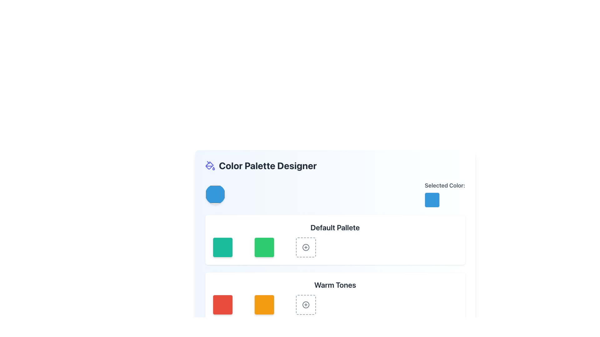 This screenshot has width=600, height=337. What do you see at coordinates (272, 304) in the screenshot?
I see `the warm orange button with rounded corners located in the lower section of the design interface, specifically the second item in the 'Warm Tones' row` at bounding box center [272, 304].